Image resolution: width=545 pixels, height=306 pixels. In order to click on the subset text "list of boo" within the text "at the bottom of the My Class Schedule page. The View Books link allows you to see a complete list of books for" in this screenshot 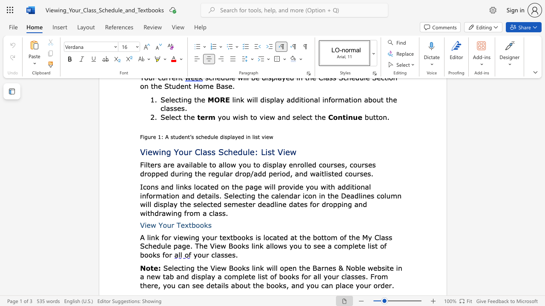, I will do `click(367, 246)`.